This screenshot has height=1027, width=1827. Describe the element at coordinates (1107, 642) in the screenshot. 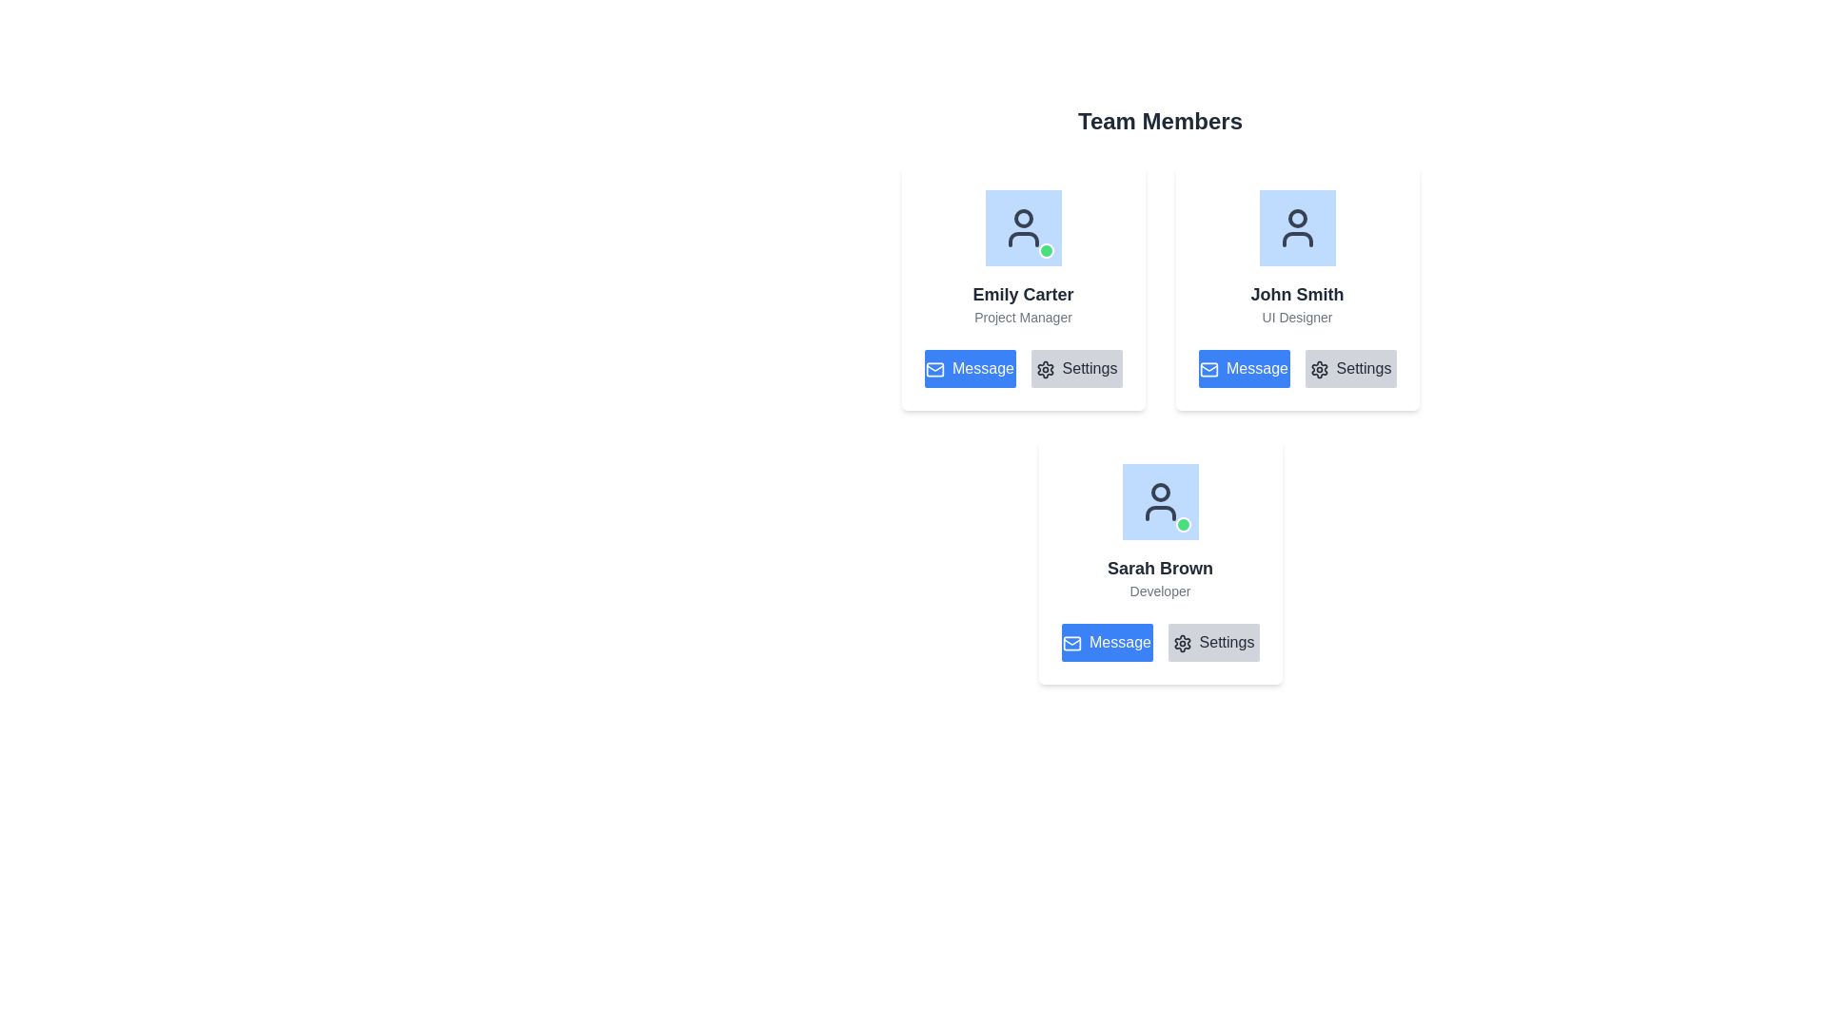

I see `the first button in the horizontal button group below the 'Sarah Brown, Developer' card in the 'Team Members' section` at that location.